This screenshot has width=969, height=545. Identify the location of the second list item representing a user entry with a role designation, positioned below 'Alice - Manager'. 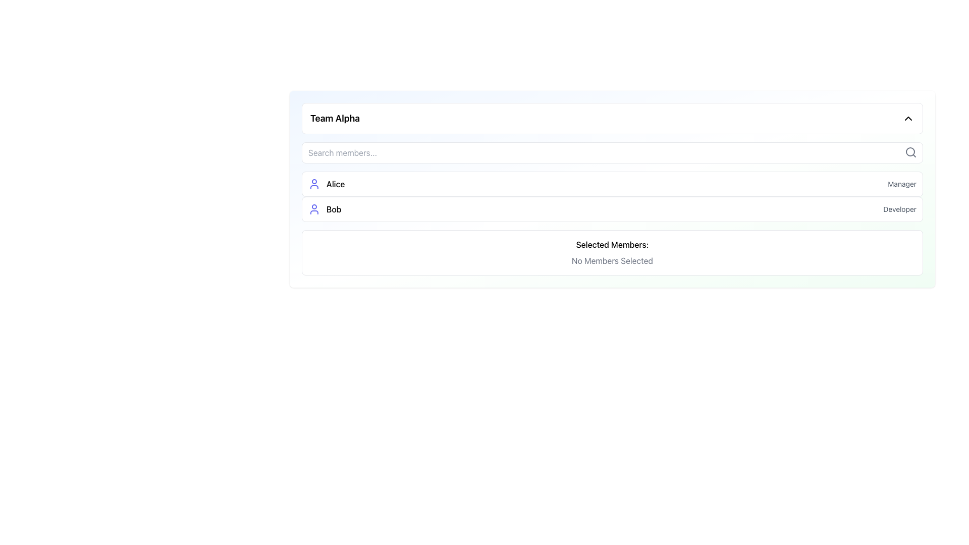
(612, 209).